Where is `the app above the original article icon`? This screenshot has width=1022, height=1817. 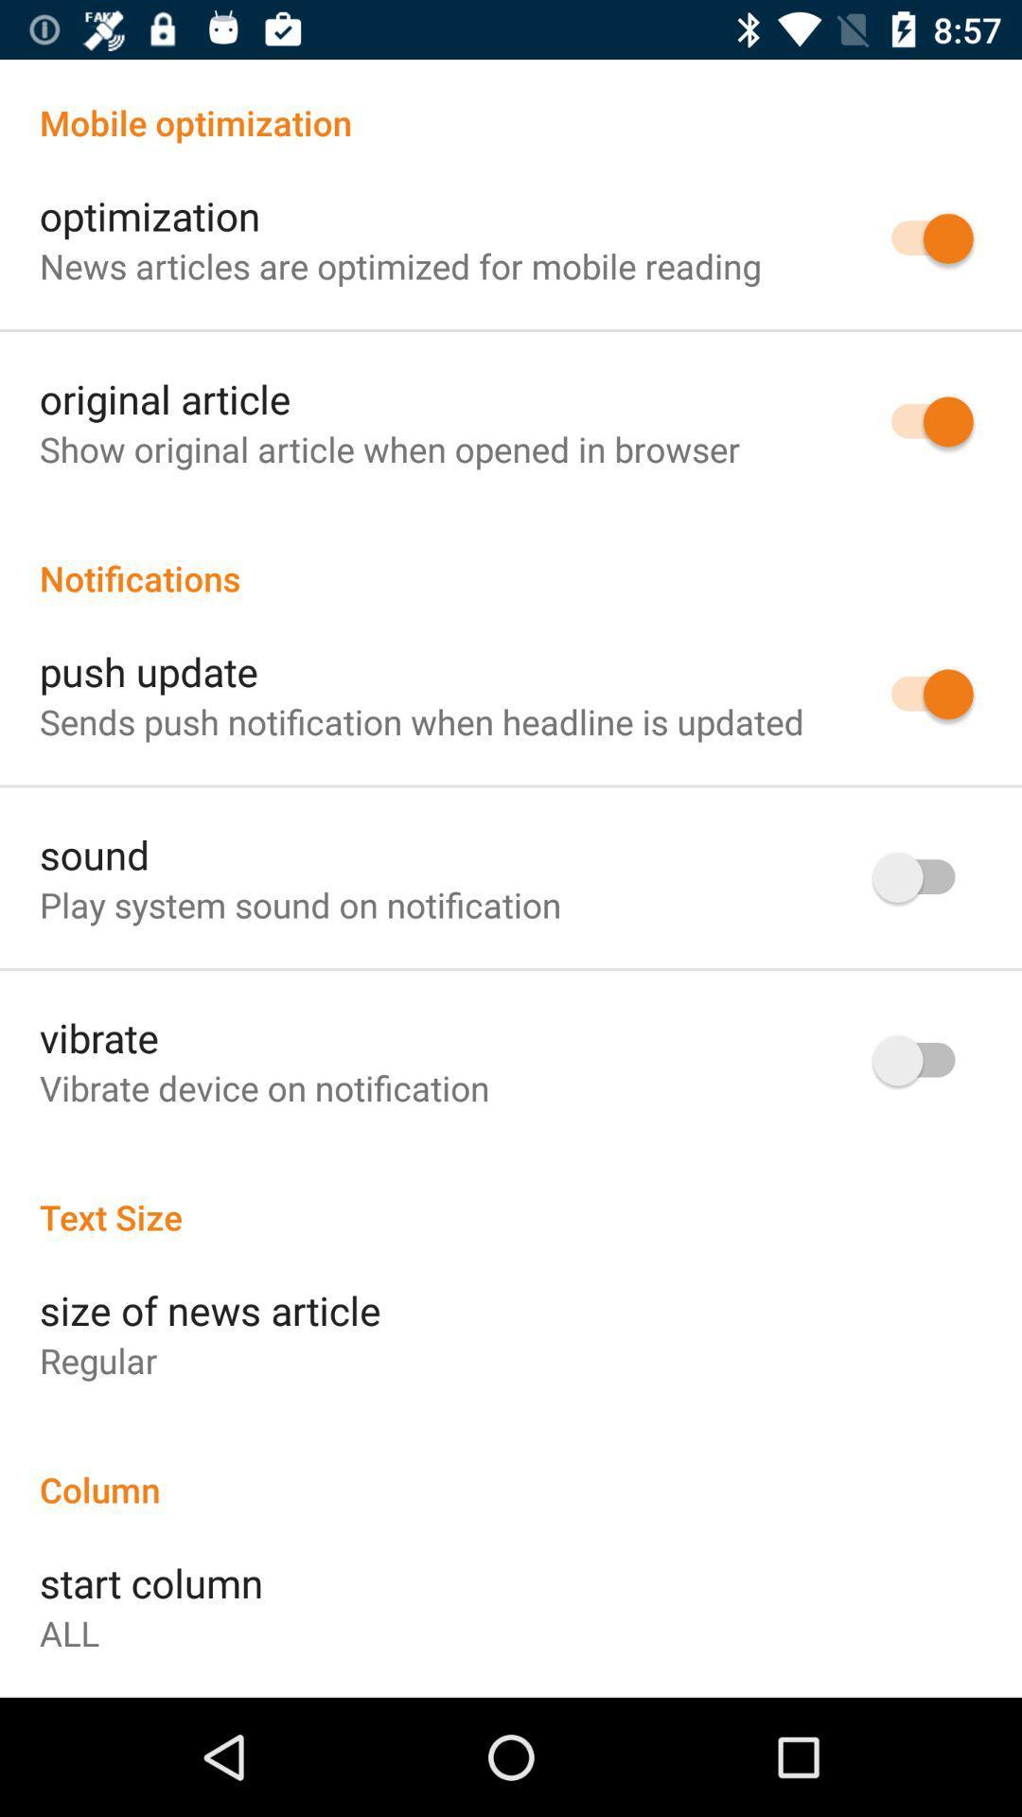
the app above the original article icon is located at coordinates (399, 265).